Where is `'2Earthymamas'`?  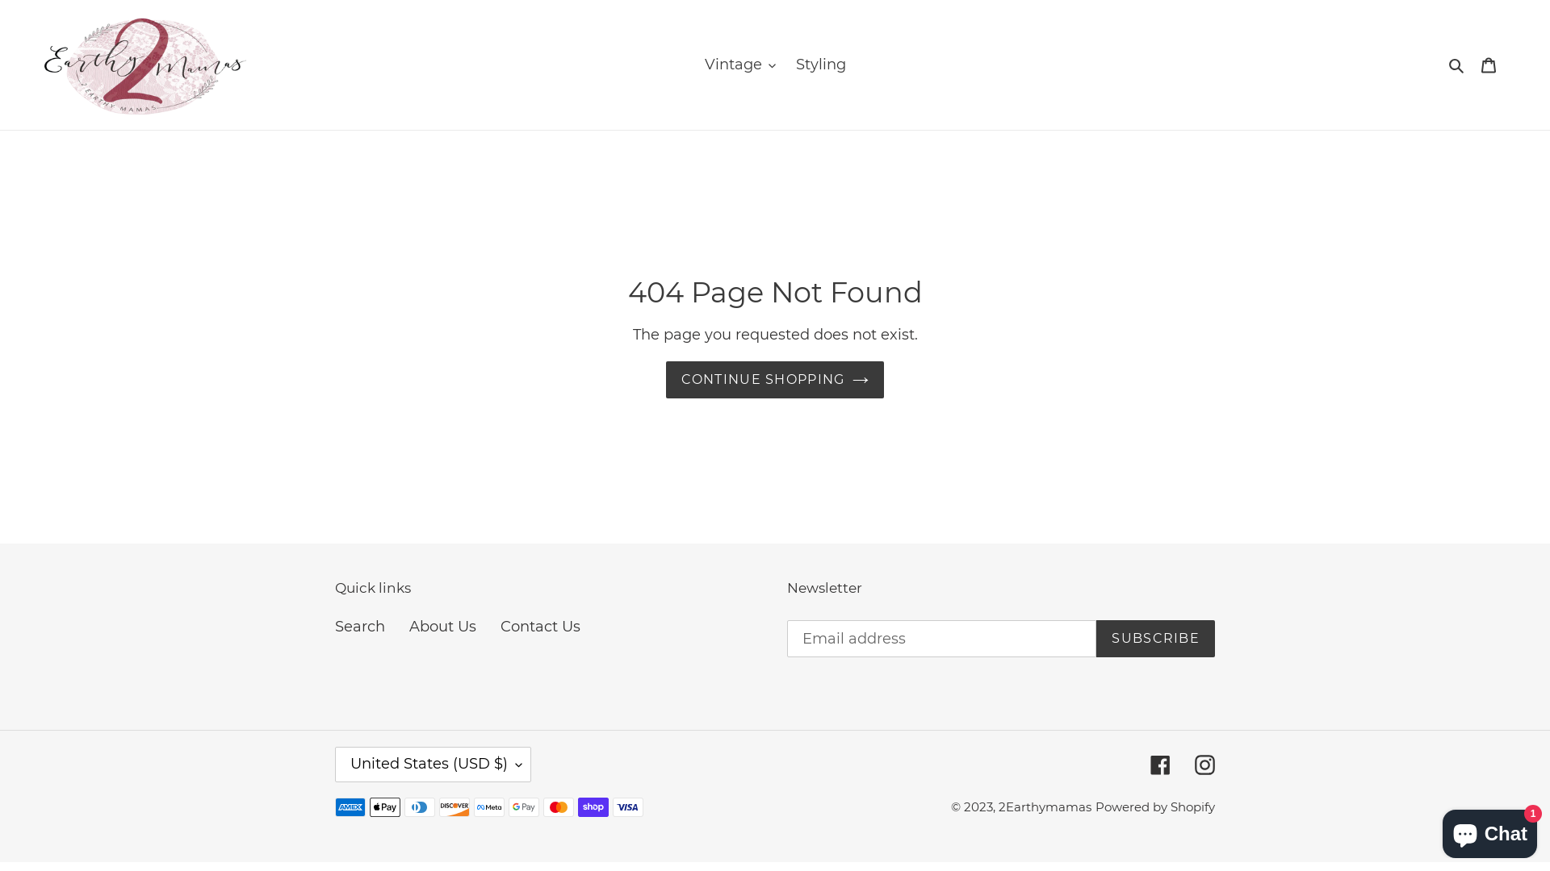 '2Earthymamas' is located at coordinates (1045, 806).